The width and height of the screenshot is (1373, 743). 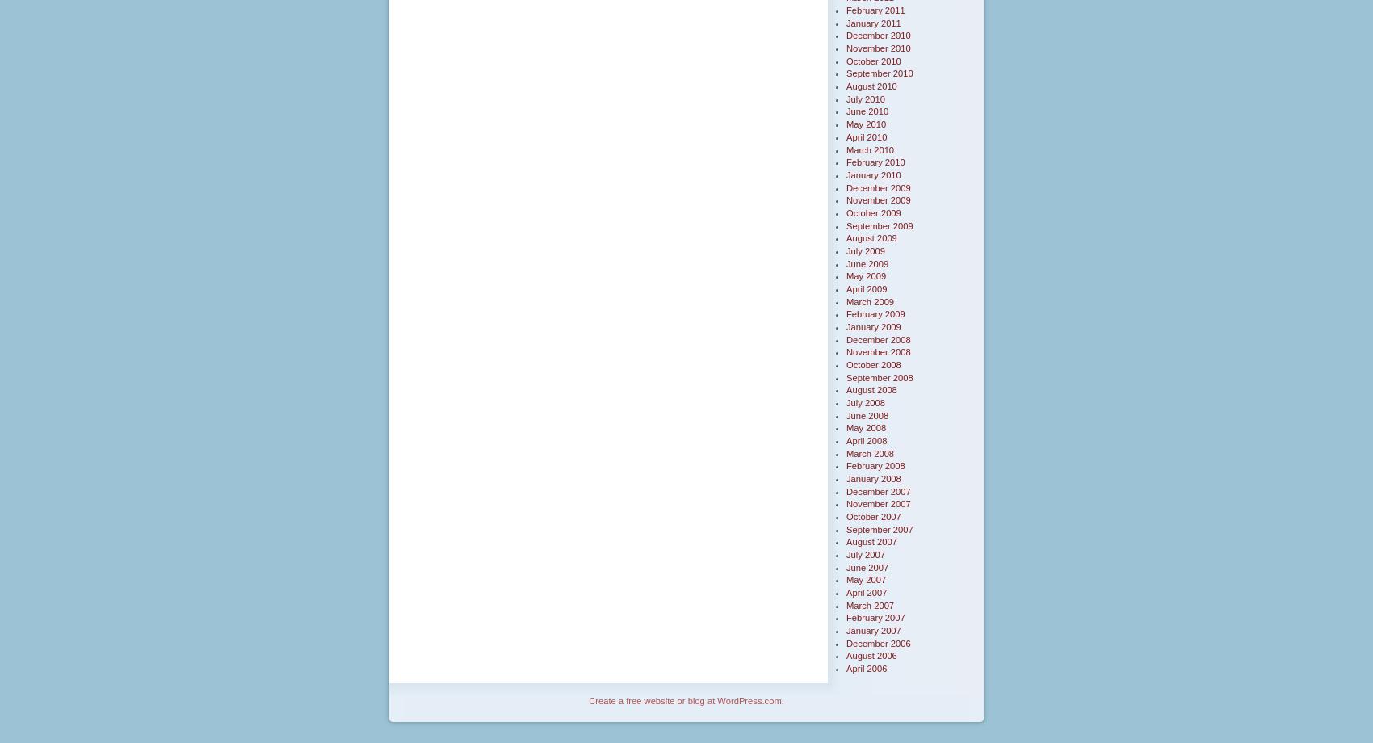 What do you see at coordinates (865, 250) in the screenshot?
I see `'July 2009'` at bounding box center [865, 250].